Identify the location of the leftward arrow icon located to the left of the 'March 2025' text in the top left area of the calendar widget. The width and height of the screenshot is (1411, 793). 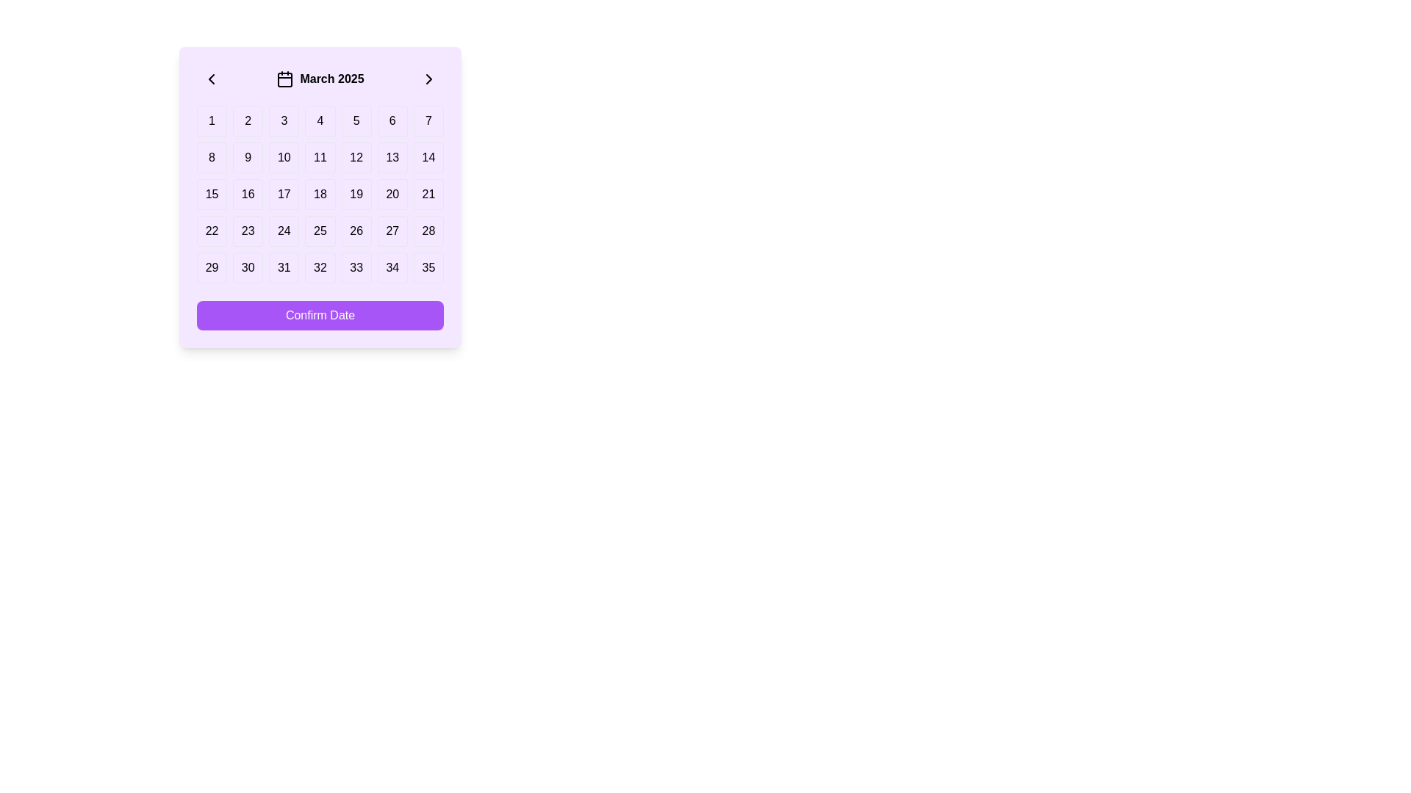
(211, 79).